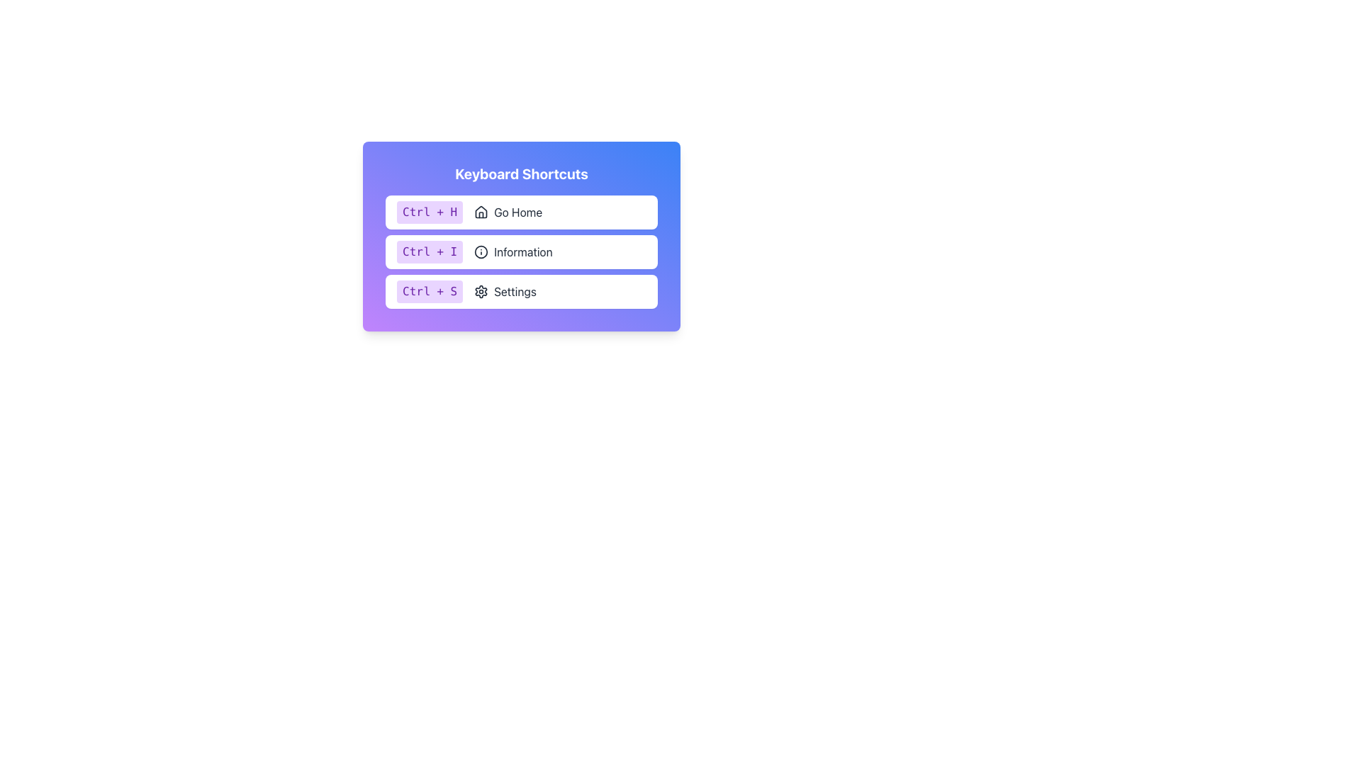 This screenshot has width=1361, height=765. What do you see at coordinates (481, 291) in the screenshot?
I see `the 'Settings' icon located in the third row of the 'Keyboard Shortcuts' section, next to the text labeled 'Settings'` at bounding box center [481, 291].